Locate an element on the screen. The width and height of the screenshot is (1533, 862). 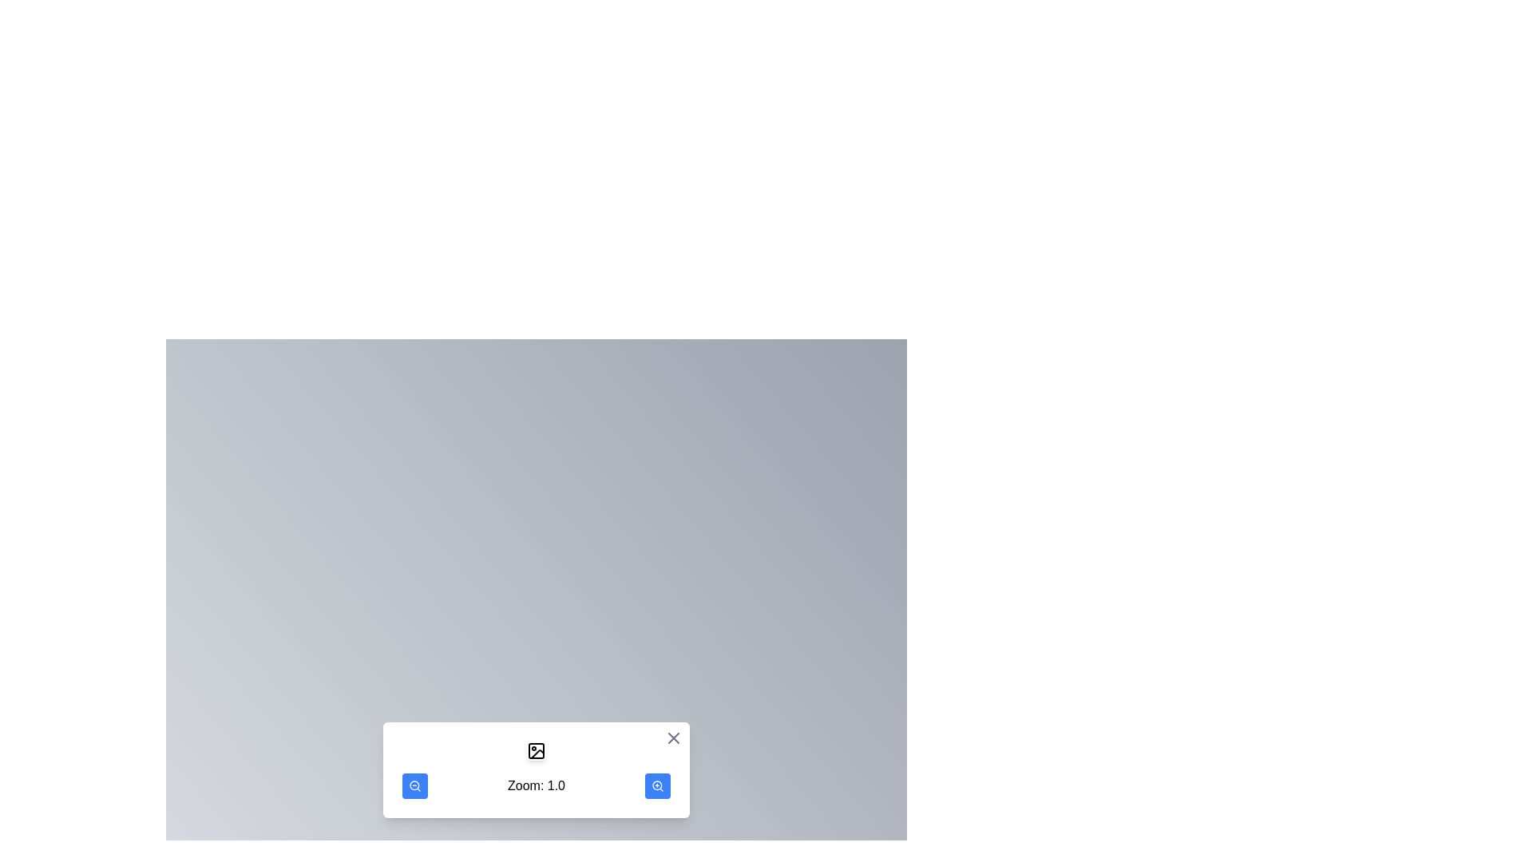
the preview image icon with rounded edges located centrally within the modal dialog box is located at coordinates (537, 751).